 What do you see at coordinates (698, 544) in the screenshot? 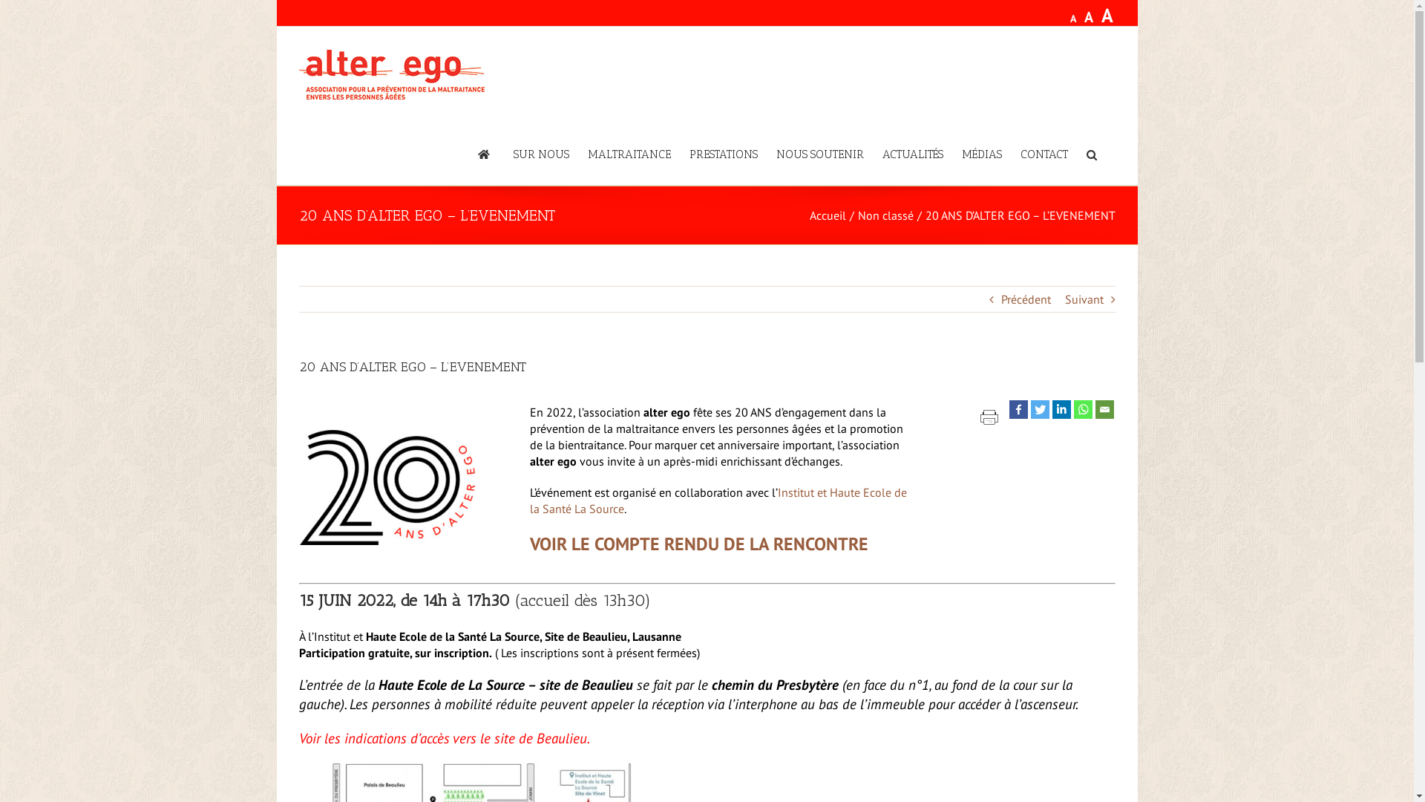
I see `'VOIR LE COMPTE RENDU DE LA RENCONTRE'` at bounding box center [698, 544].